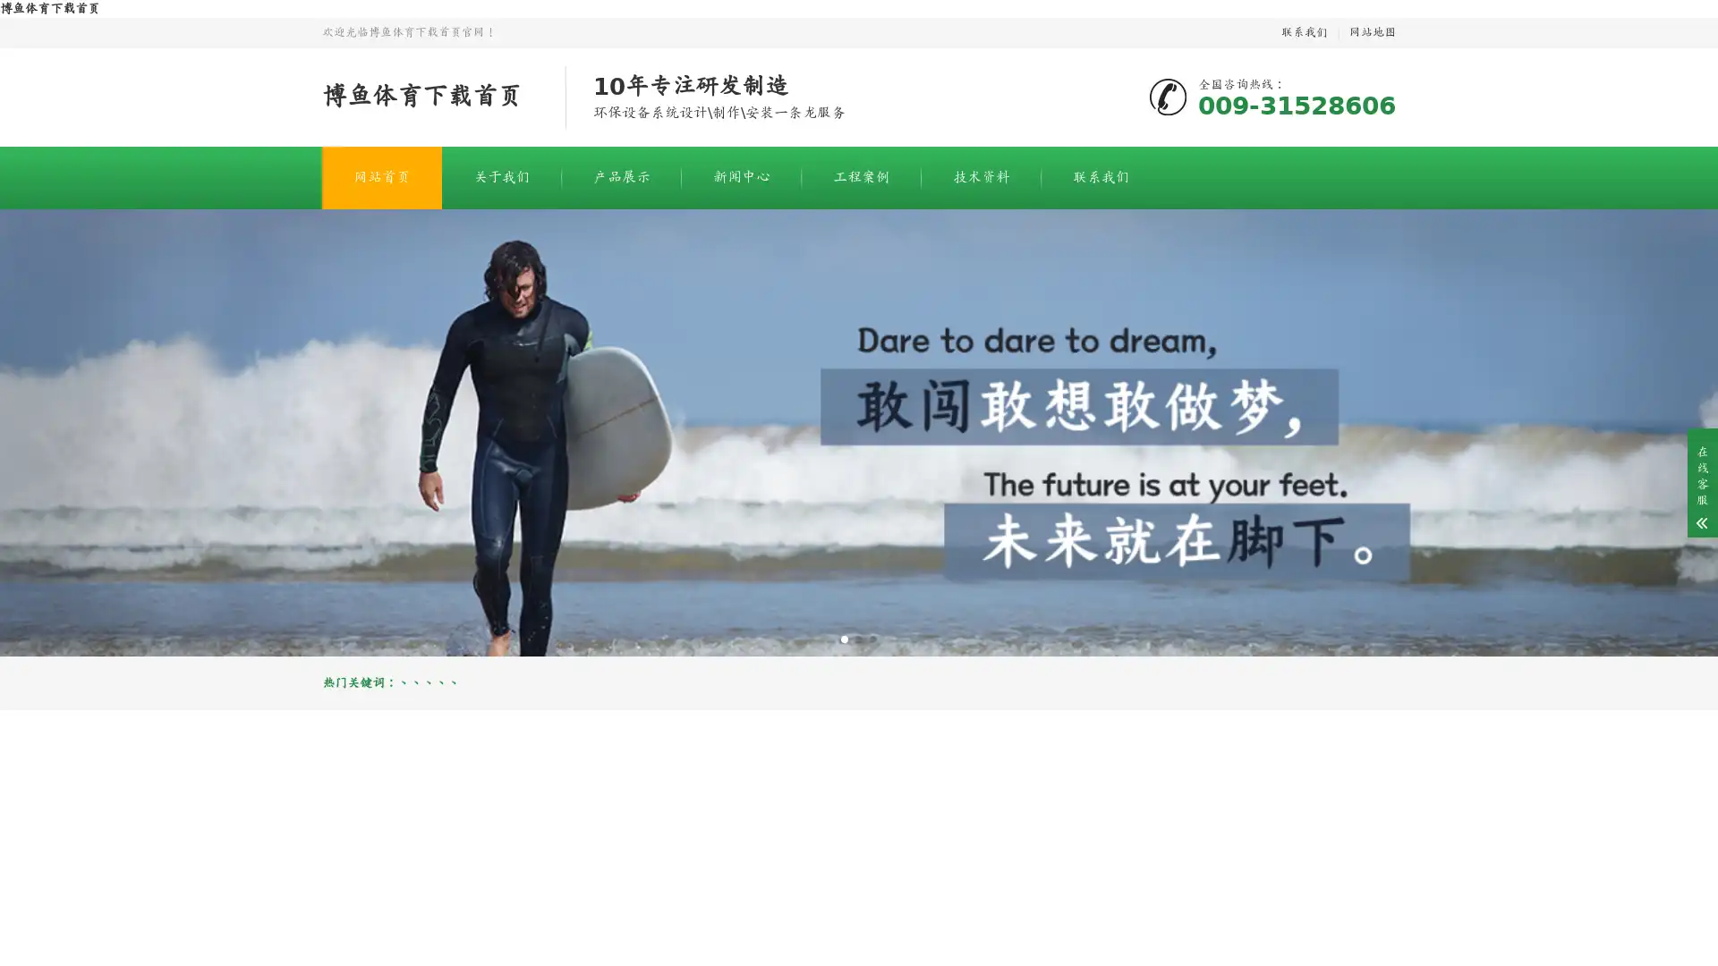 The image size is (1718, 966). Describe the element at coordinates (872, 638) in the screenshot. I see `Go to slide 3` at that location.